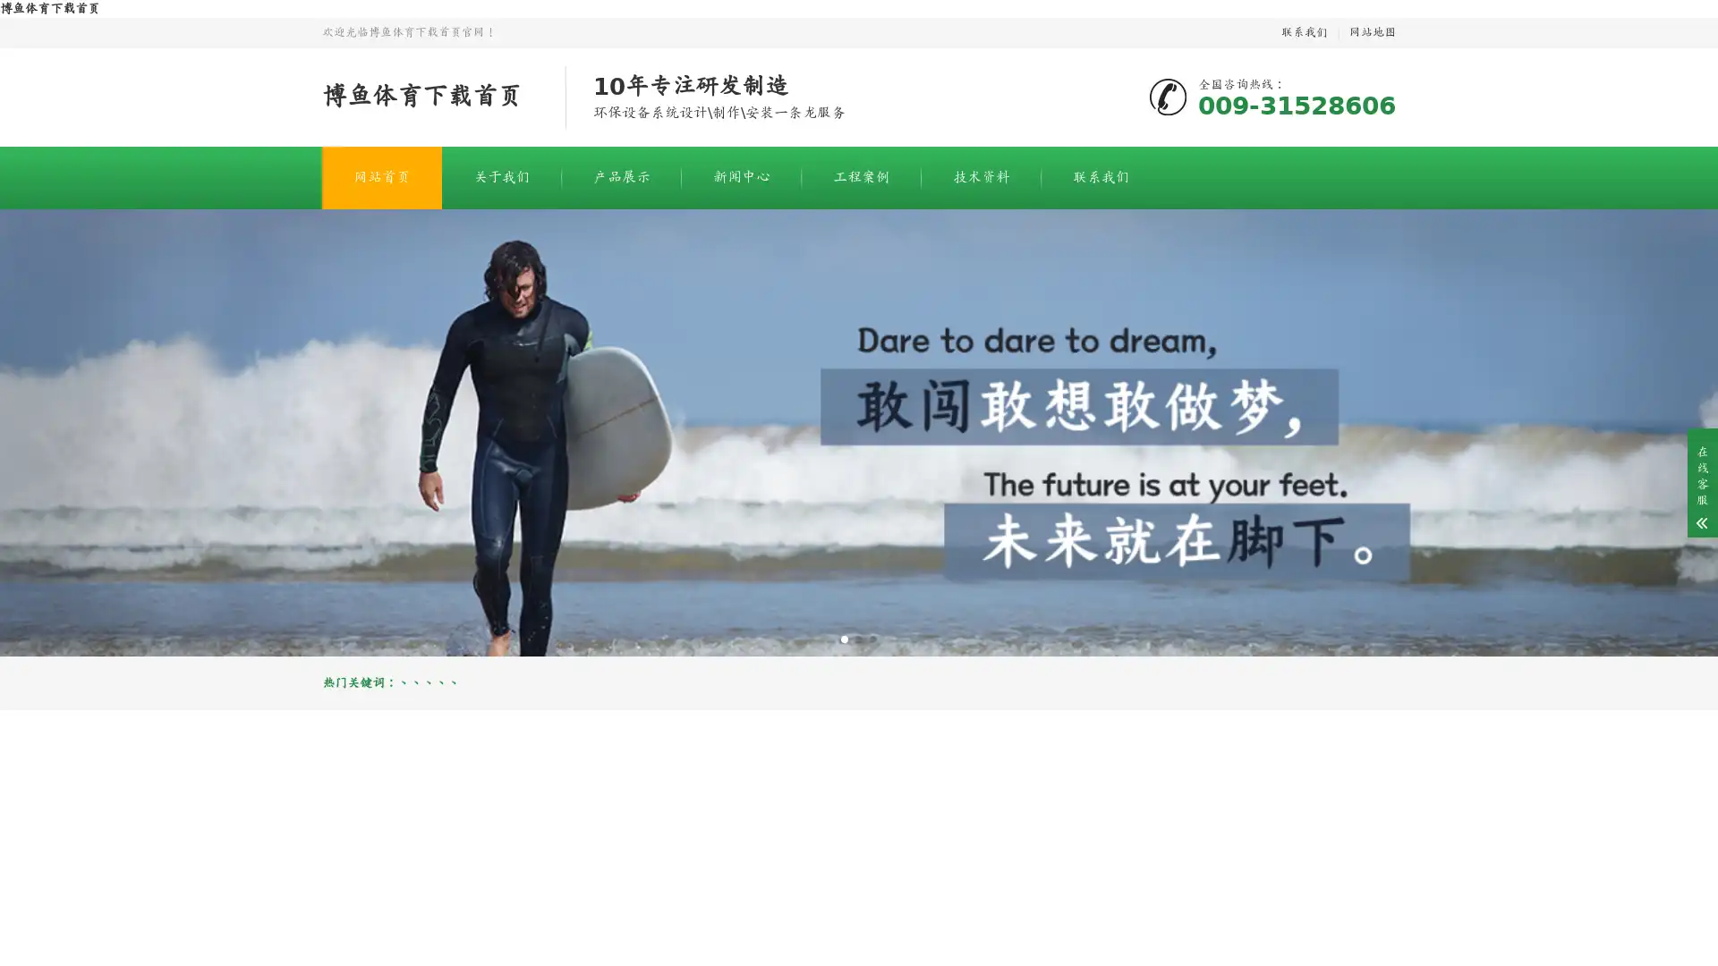 The image size is (1718, 966). Describe the element at coordinates (872, 638) in the screenshot. I see `Go to slide 3` at that location.